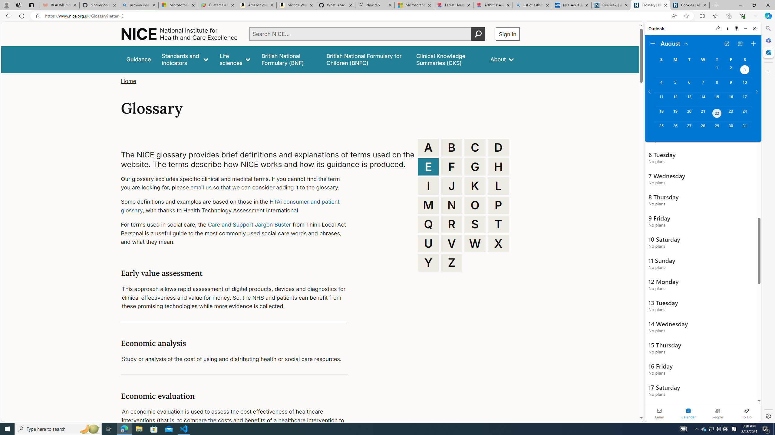 This screenshot has height=435, width=775. I want to click on 'New tab', so click(374, 5).